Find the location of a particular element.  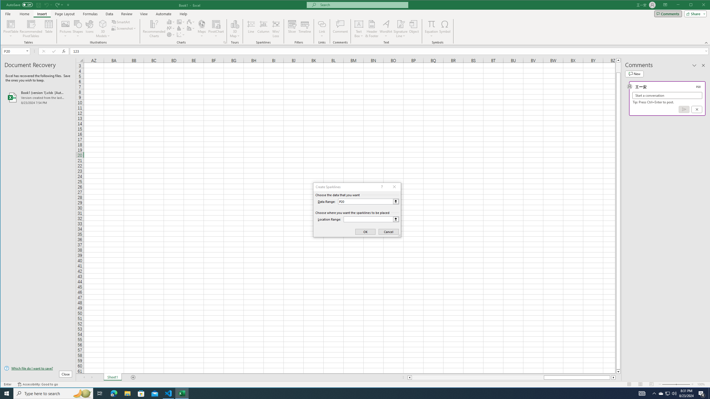

'WordArt' is located at coordinates (386, 29).